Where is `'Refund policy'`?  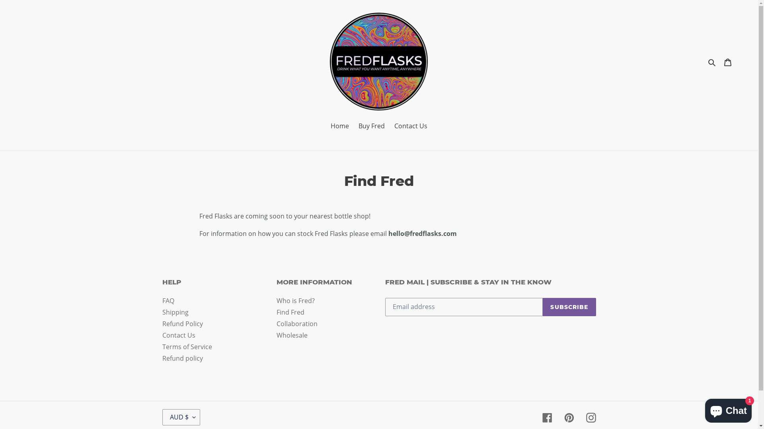 'Refund policy' is located at coordinates (182, 358).